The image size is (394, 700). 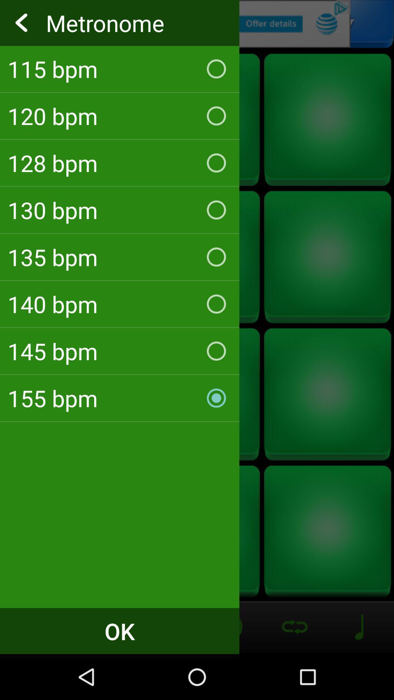 I want to click on 115 bpm, so click(x=119, y=69).